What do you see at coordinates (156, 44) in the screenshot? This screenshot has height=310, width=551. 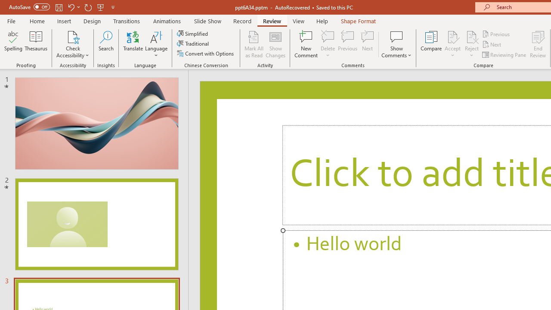 I see `'Language'` at bounding box center [156, 44].